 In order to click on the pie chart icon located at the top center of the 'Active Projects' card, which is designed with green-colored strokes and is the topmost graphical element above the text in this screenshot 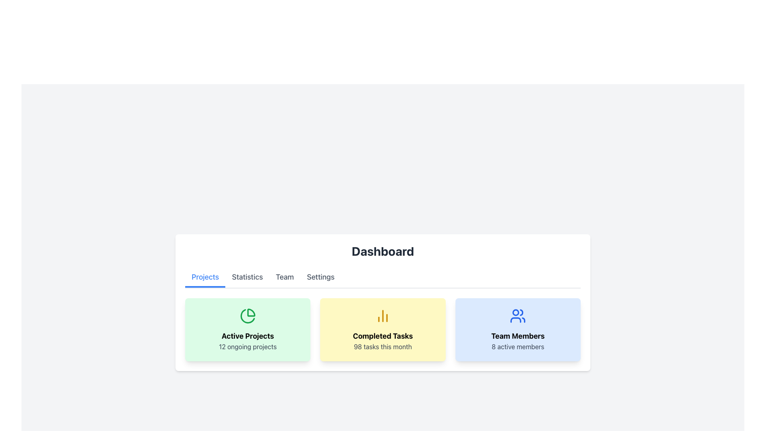, I will do `click(247, 315)`.